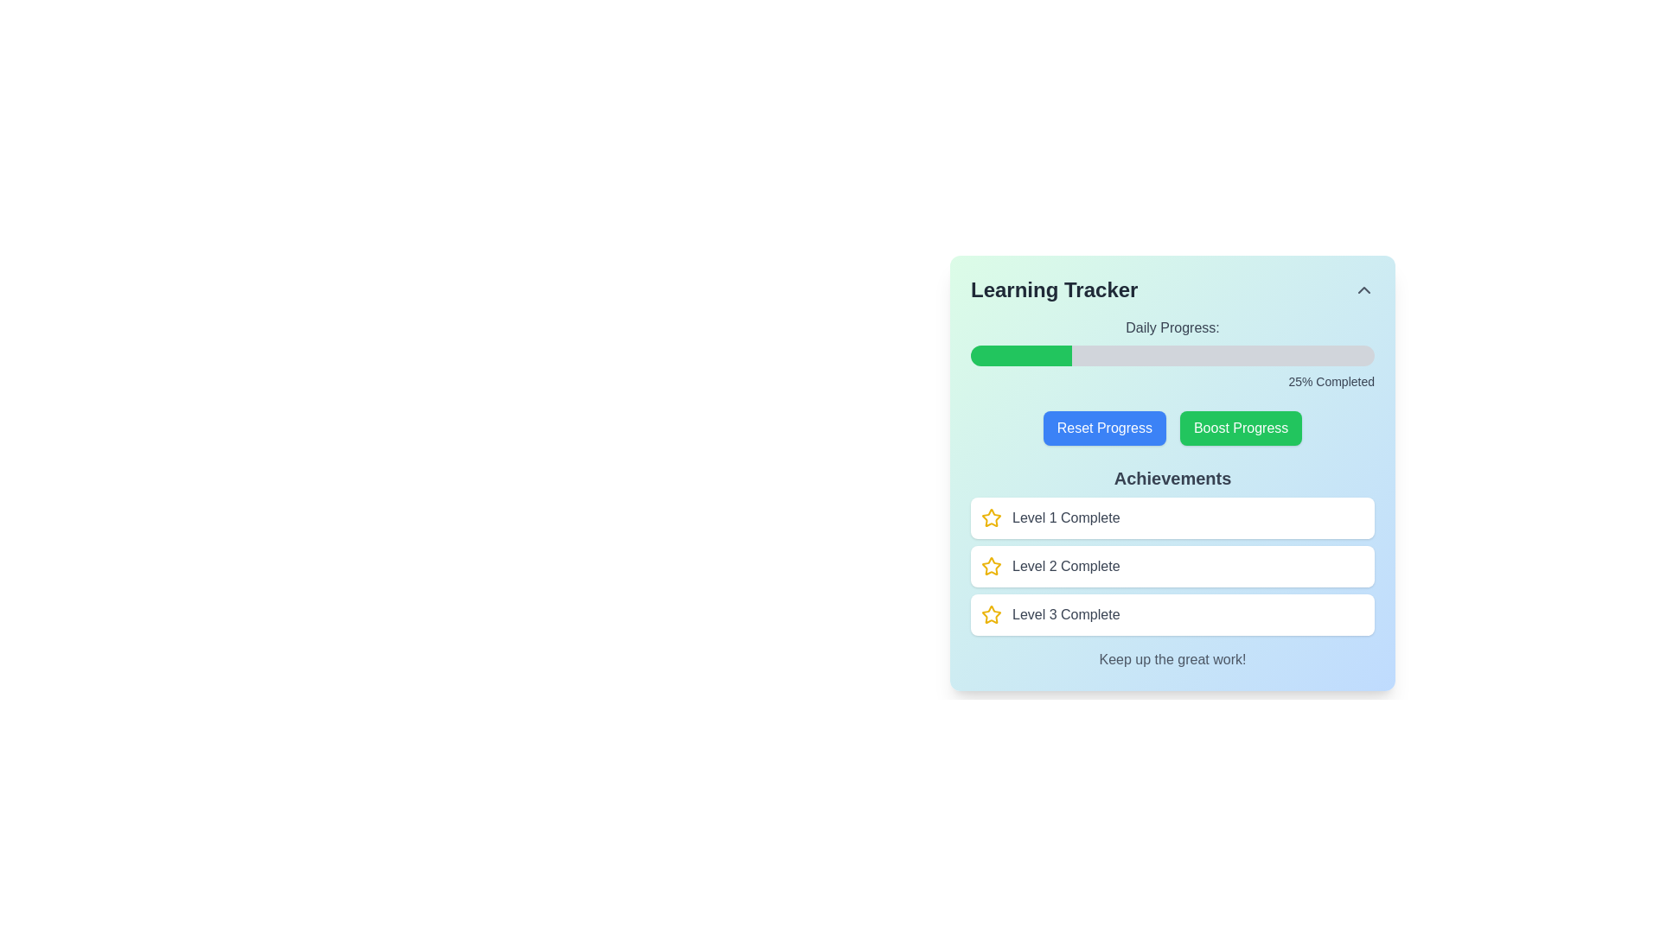 The image size is (1660, 933). I want to click on the static text label that reads 'Daily Progress:' in a bold, gray font, located at the top of the component, so click(1172, 328).